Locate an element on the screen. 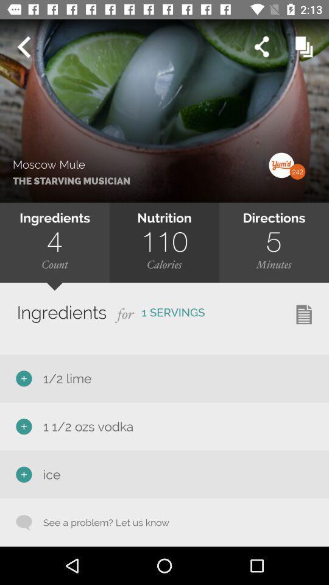 The height and width of the screenshot is (585, 329). the share icon is located at coordinates (261, 47).